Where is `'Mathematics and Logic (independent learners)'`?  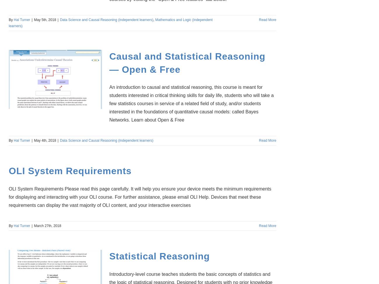 'Mathematics and Logic (independent learners)' is located at coordinates (110, 22).